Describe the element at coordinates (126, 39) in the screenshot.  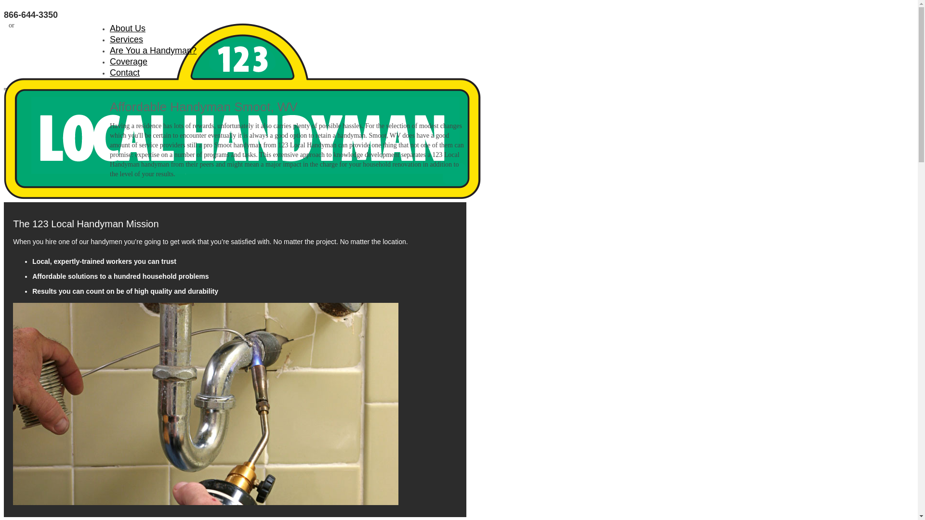
I see `'Services'` at that location.